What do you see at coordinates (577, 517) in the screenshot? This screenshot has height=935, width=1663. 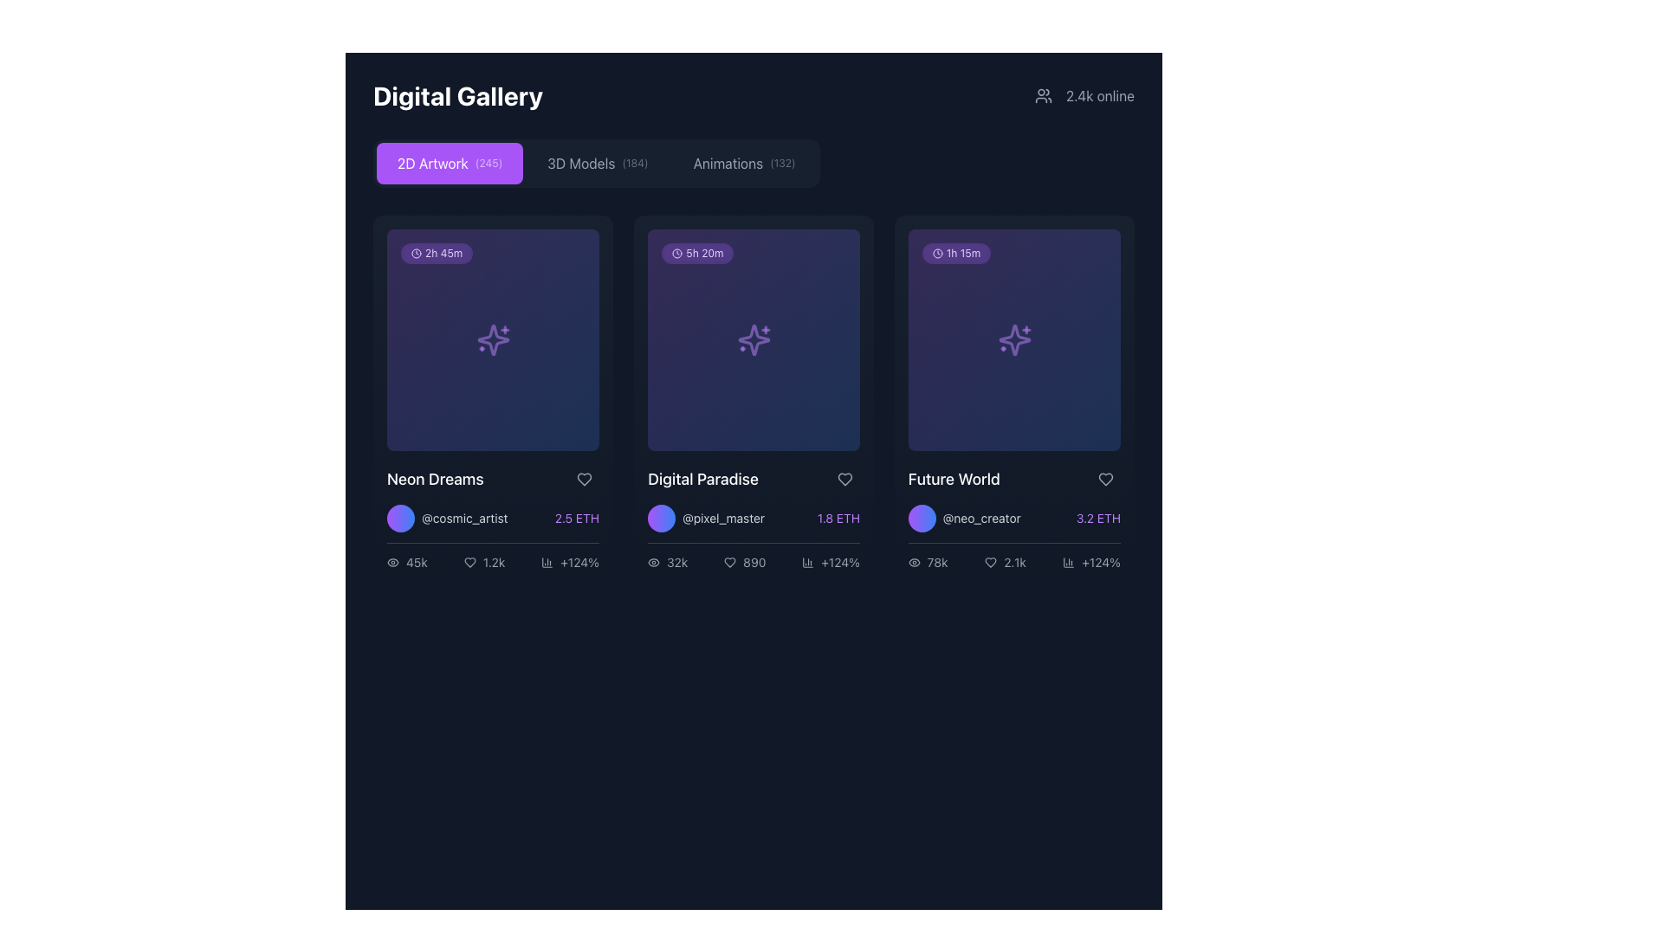 I see `the text label displaying '2.5 ETH' in light purple, located in the bottom section of the first grid item` at bounding box center [577, 517].